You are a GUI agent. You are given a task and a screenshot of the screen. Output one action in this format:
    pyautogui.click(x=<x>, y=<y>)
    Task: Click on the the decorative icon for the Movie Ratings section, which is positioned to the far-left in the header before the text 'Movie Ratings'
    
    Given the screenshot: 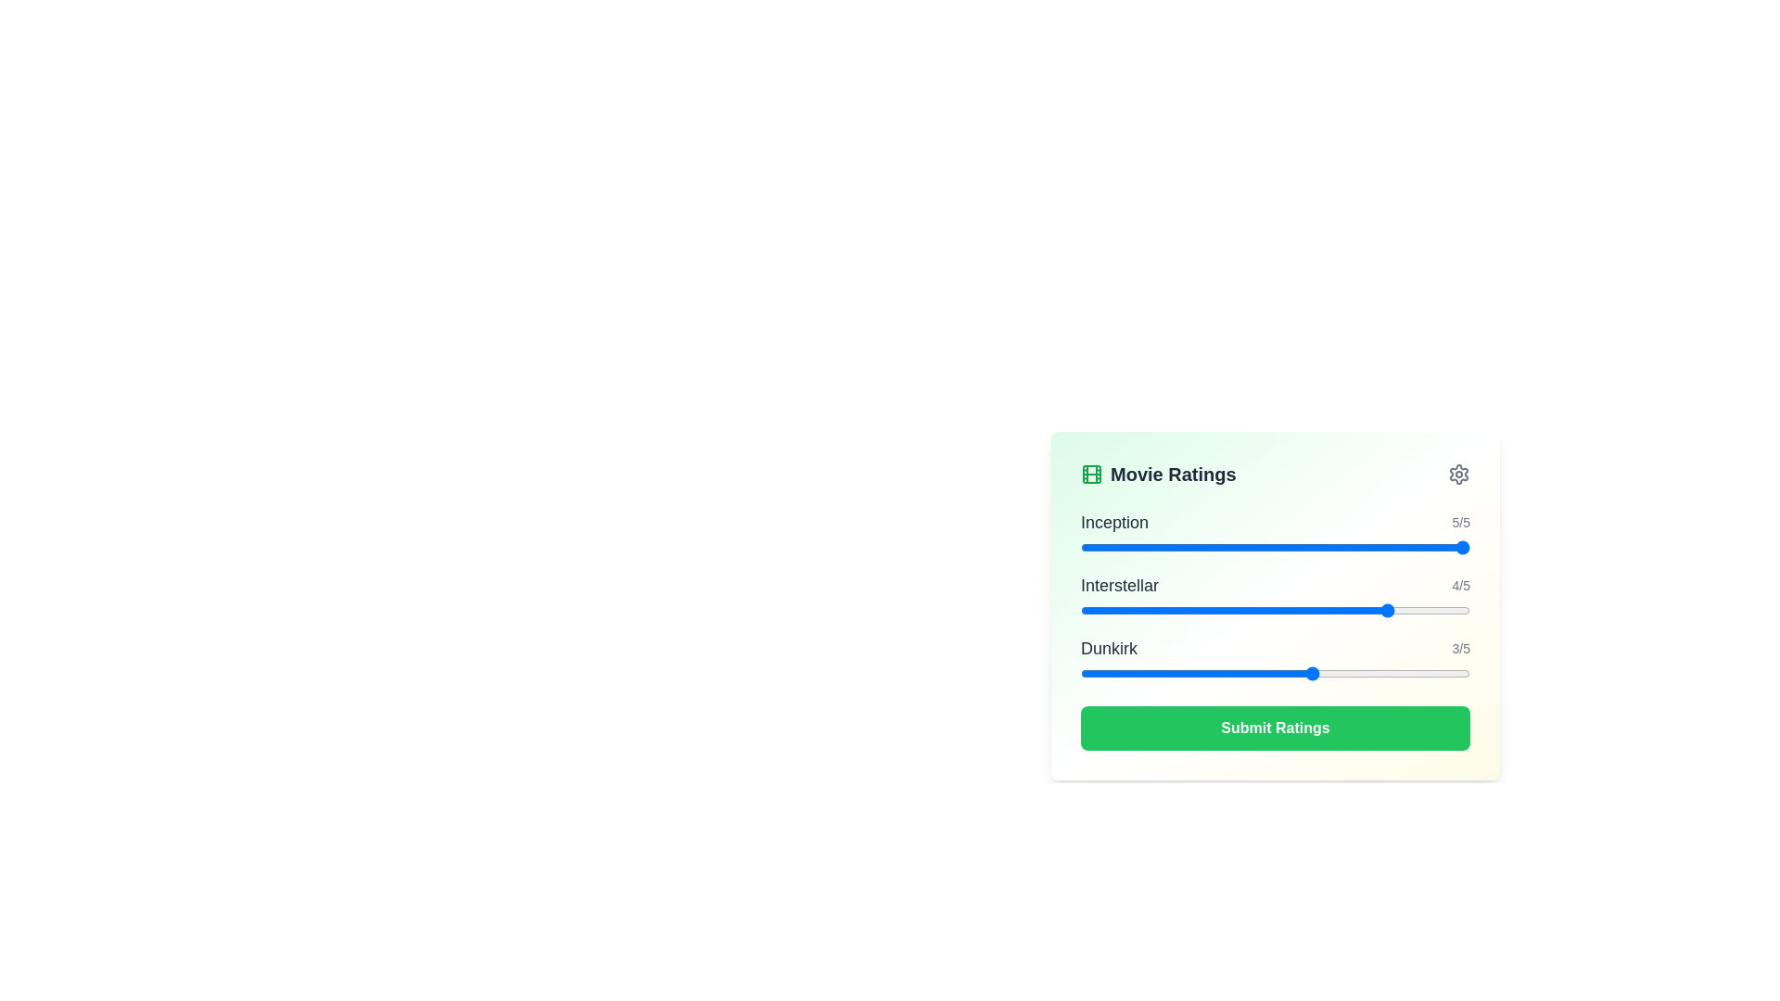 What is the action you would take?
    pyautogui.click(x=1091, y=474)
    